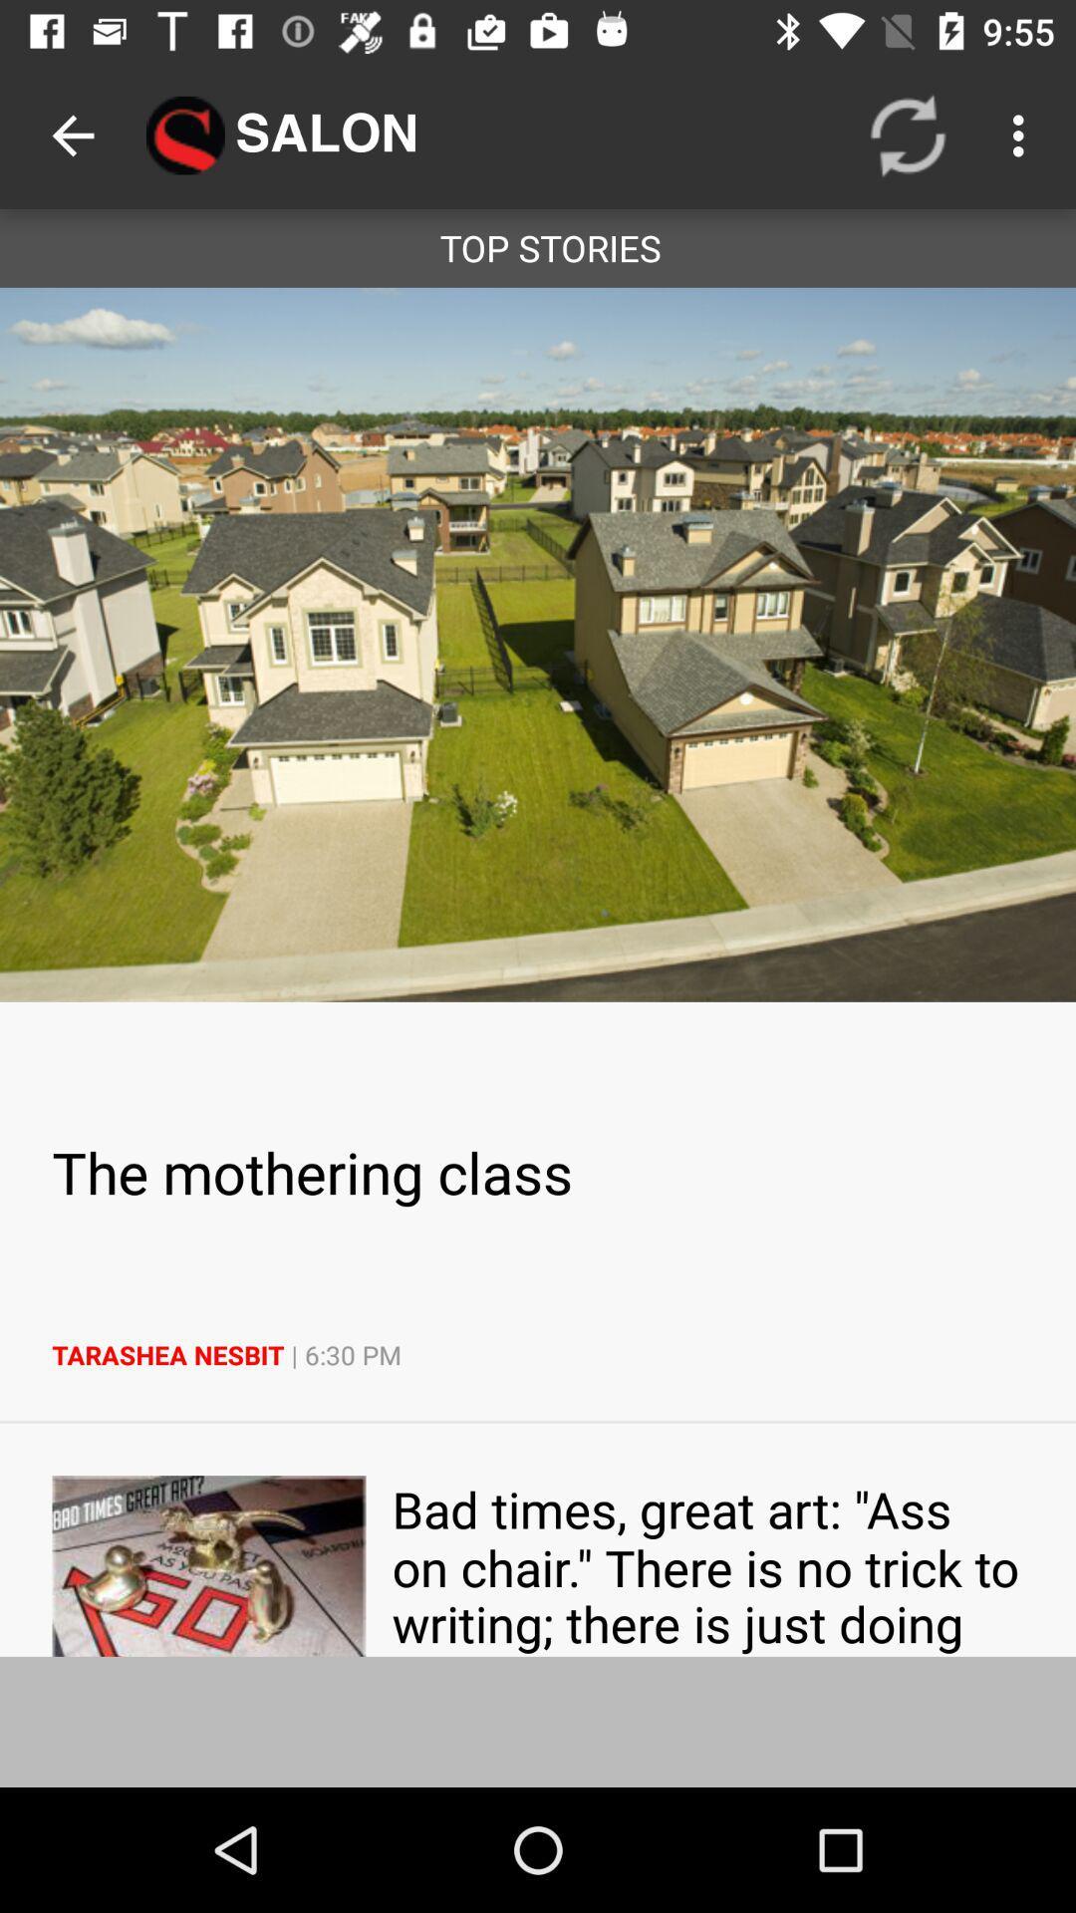  Describe the element at coordinates (706, 1564) in the screenshot. I see `bad times great` at that location.